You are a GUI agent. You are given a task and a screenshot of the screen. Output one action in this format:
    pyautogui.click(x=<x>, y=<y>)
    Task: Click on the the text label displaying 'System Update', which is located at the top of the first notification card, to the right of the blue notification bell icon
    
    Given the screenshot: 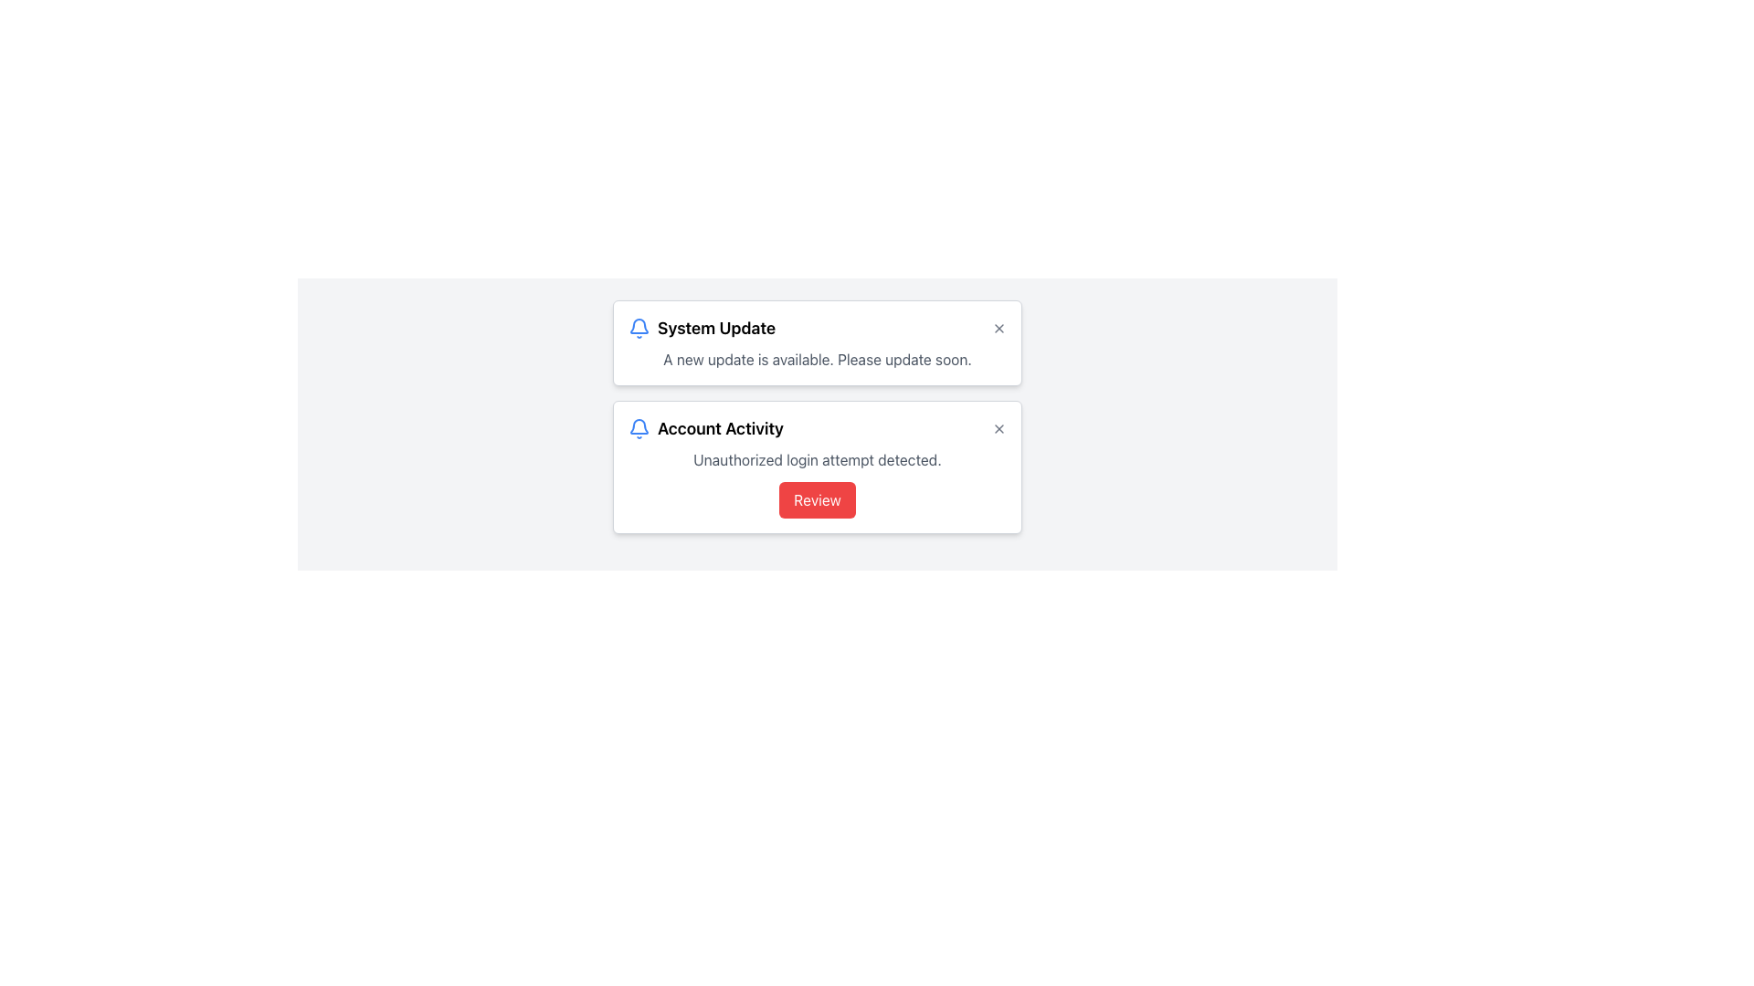 What is the action you would take?
    pyautogui.click(x=715, y=327)
    